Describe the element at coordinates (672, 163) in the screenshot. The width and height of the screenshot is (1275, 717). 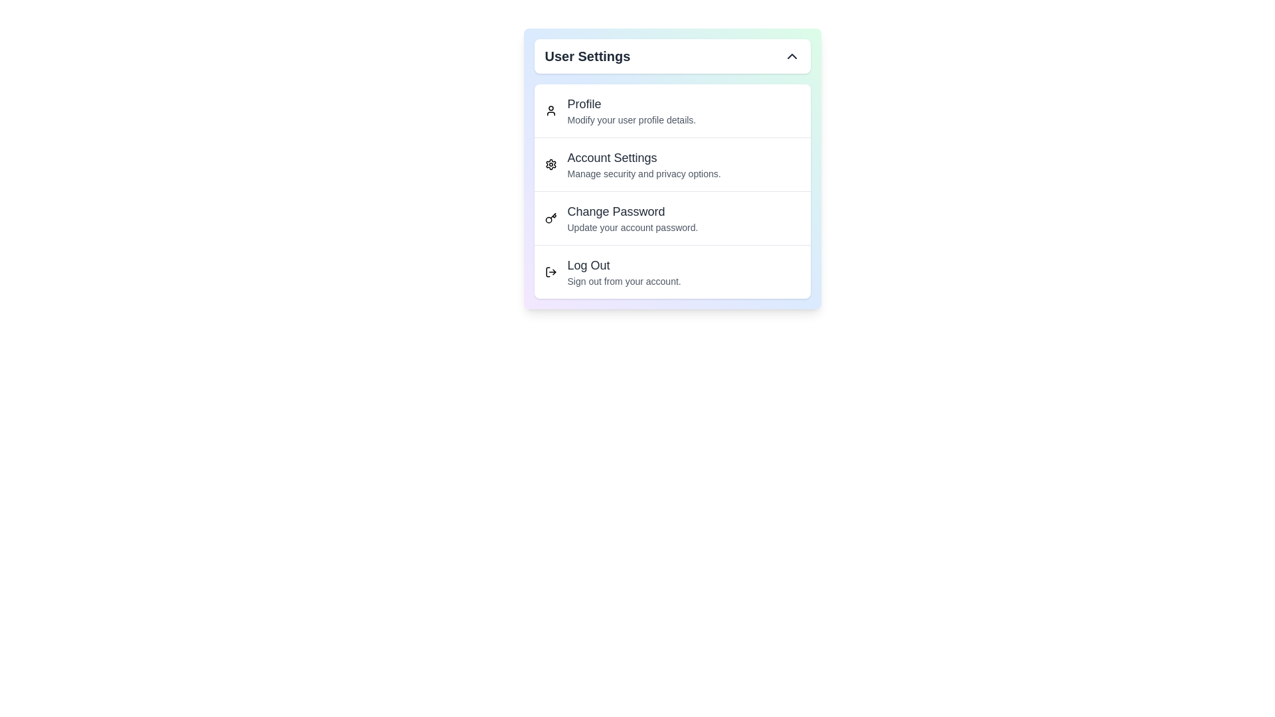
I see `the menu option Account Settings` at that location.